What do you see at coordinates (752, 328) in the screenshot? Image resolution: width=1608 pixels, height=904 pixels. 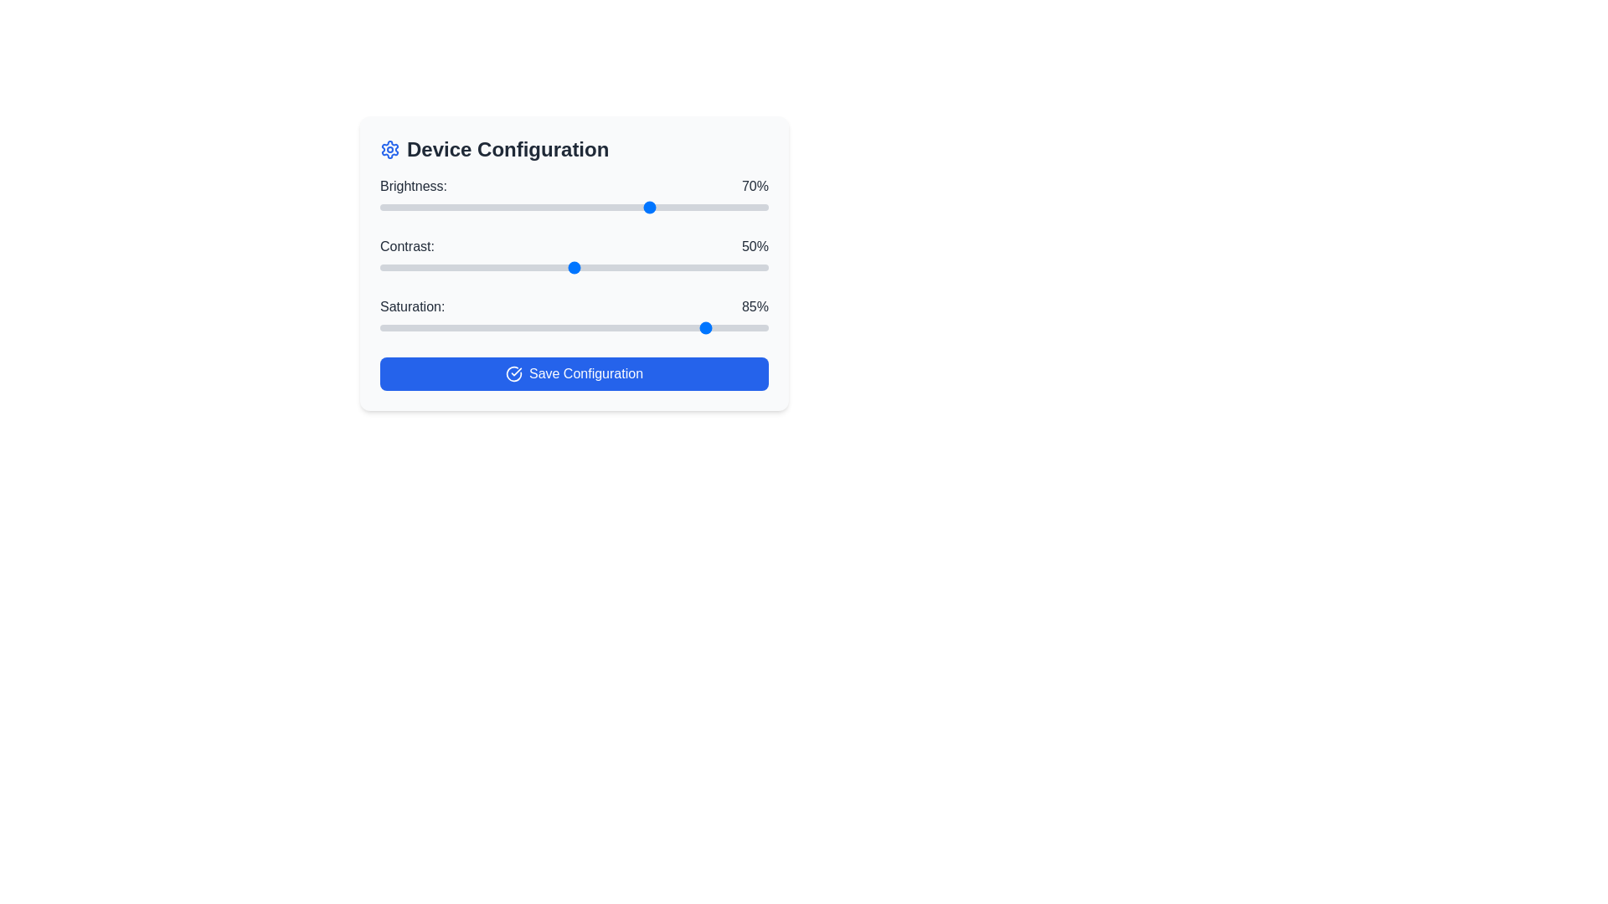 I see `the saturation level` at bounding box center [752, 328].